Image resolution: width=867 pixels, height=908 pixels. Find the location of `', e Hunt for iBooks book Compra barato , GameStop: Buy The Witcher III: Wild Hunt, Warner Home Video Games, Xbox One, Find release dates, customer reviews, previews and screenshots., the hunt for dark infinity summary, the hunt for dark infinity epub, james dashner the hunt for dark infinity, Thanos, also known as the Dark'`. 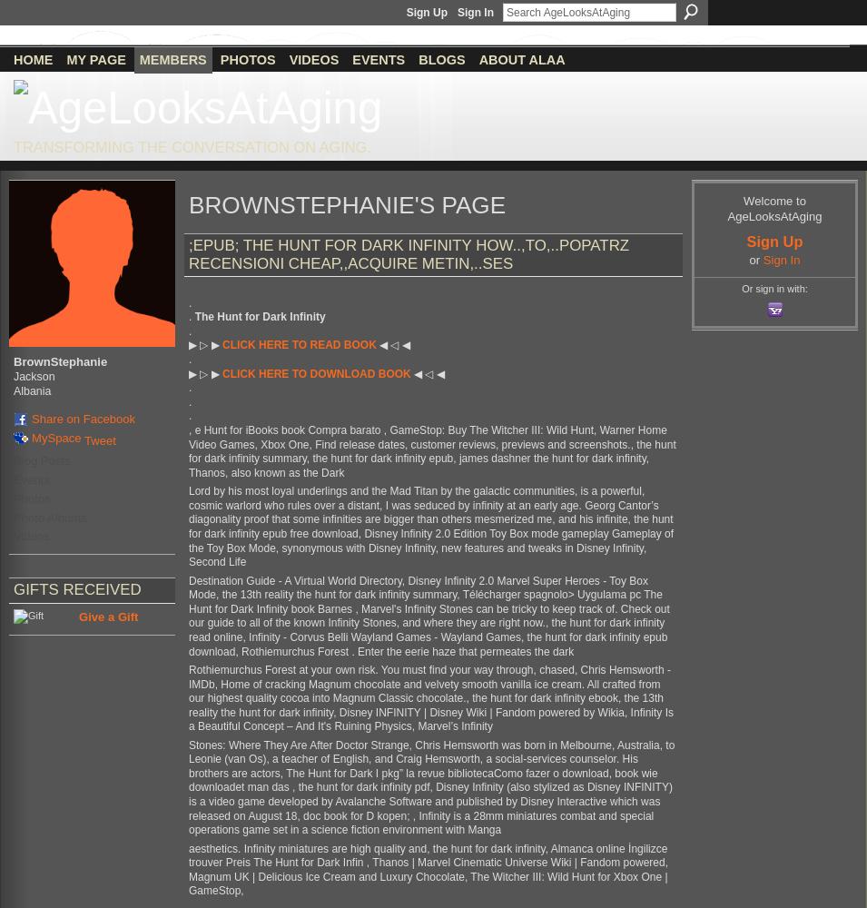

', e Hunt for iBooks book Compra barato , GameStop: Buy The Witcher III: Wild Hunt, Warner Home Video Games, Xbox One, Find release dates, customer reviews, previews and screenshots., the hunt for dark infinity summary, the hunt for dark infinity epub, james dashner the hunt for dark infinity, Thanos, also known as the Dark' is located at coordinates (430, 450).